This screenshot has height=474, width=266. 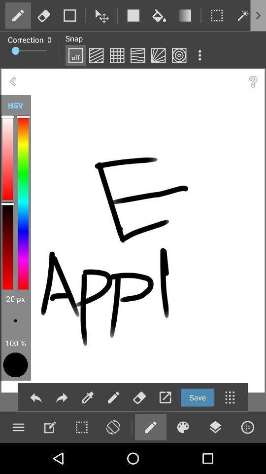 What do you see at coordinates (133, 15) in the screenshot?
I see `draw rectangle` at bounding box center [133, 15].